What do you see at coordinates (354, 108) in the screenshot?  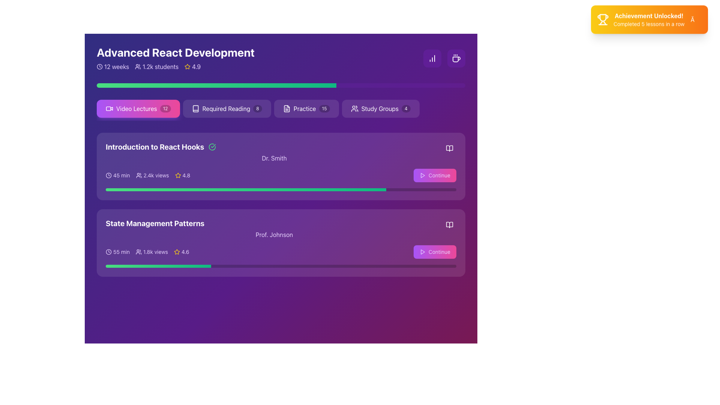 I see `the icon depicting two user figures located on the leftmost side of the 'Study Groups 4' button` at bounding box center [354, 108].